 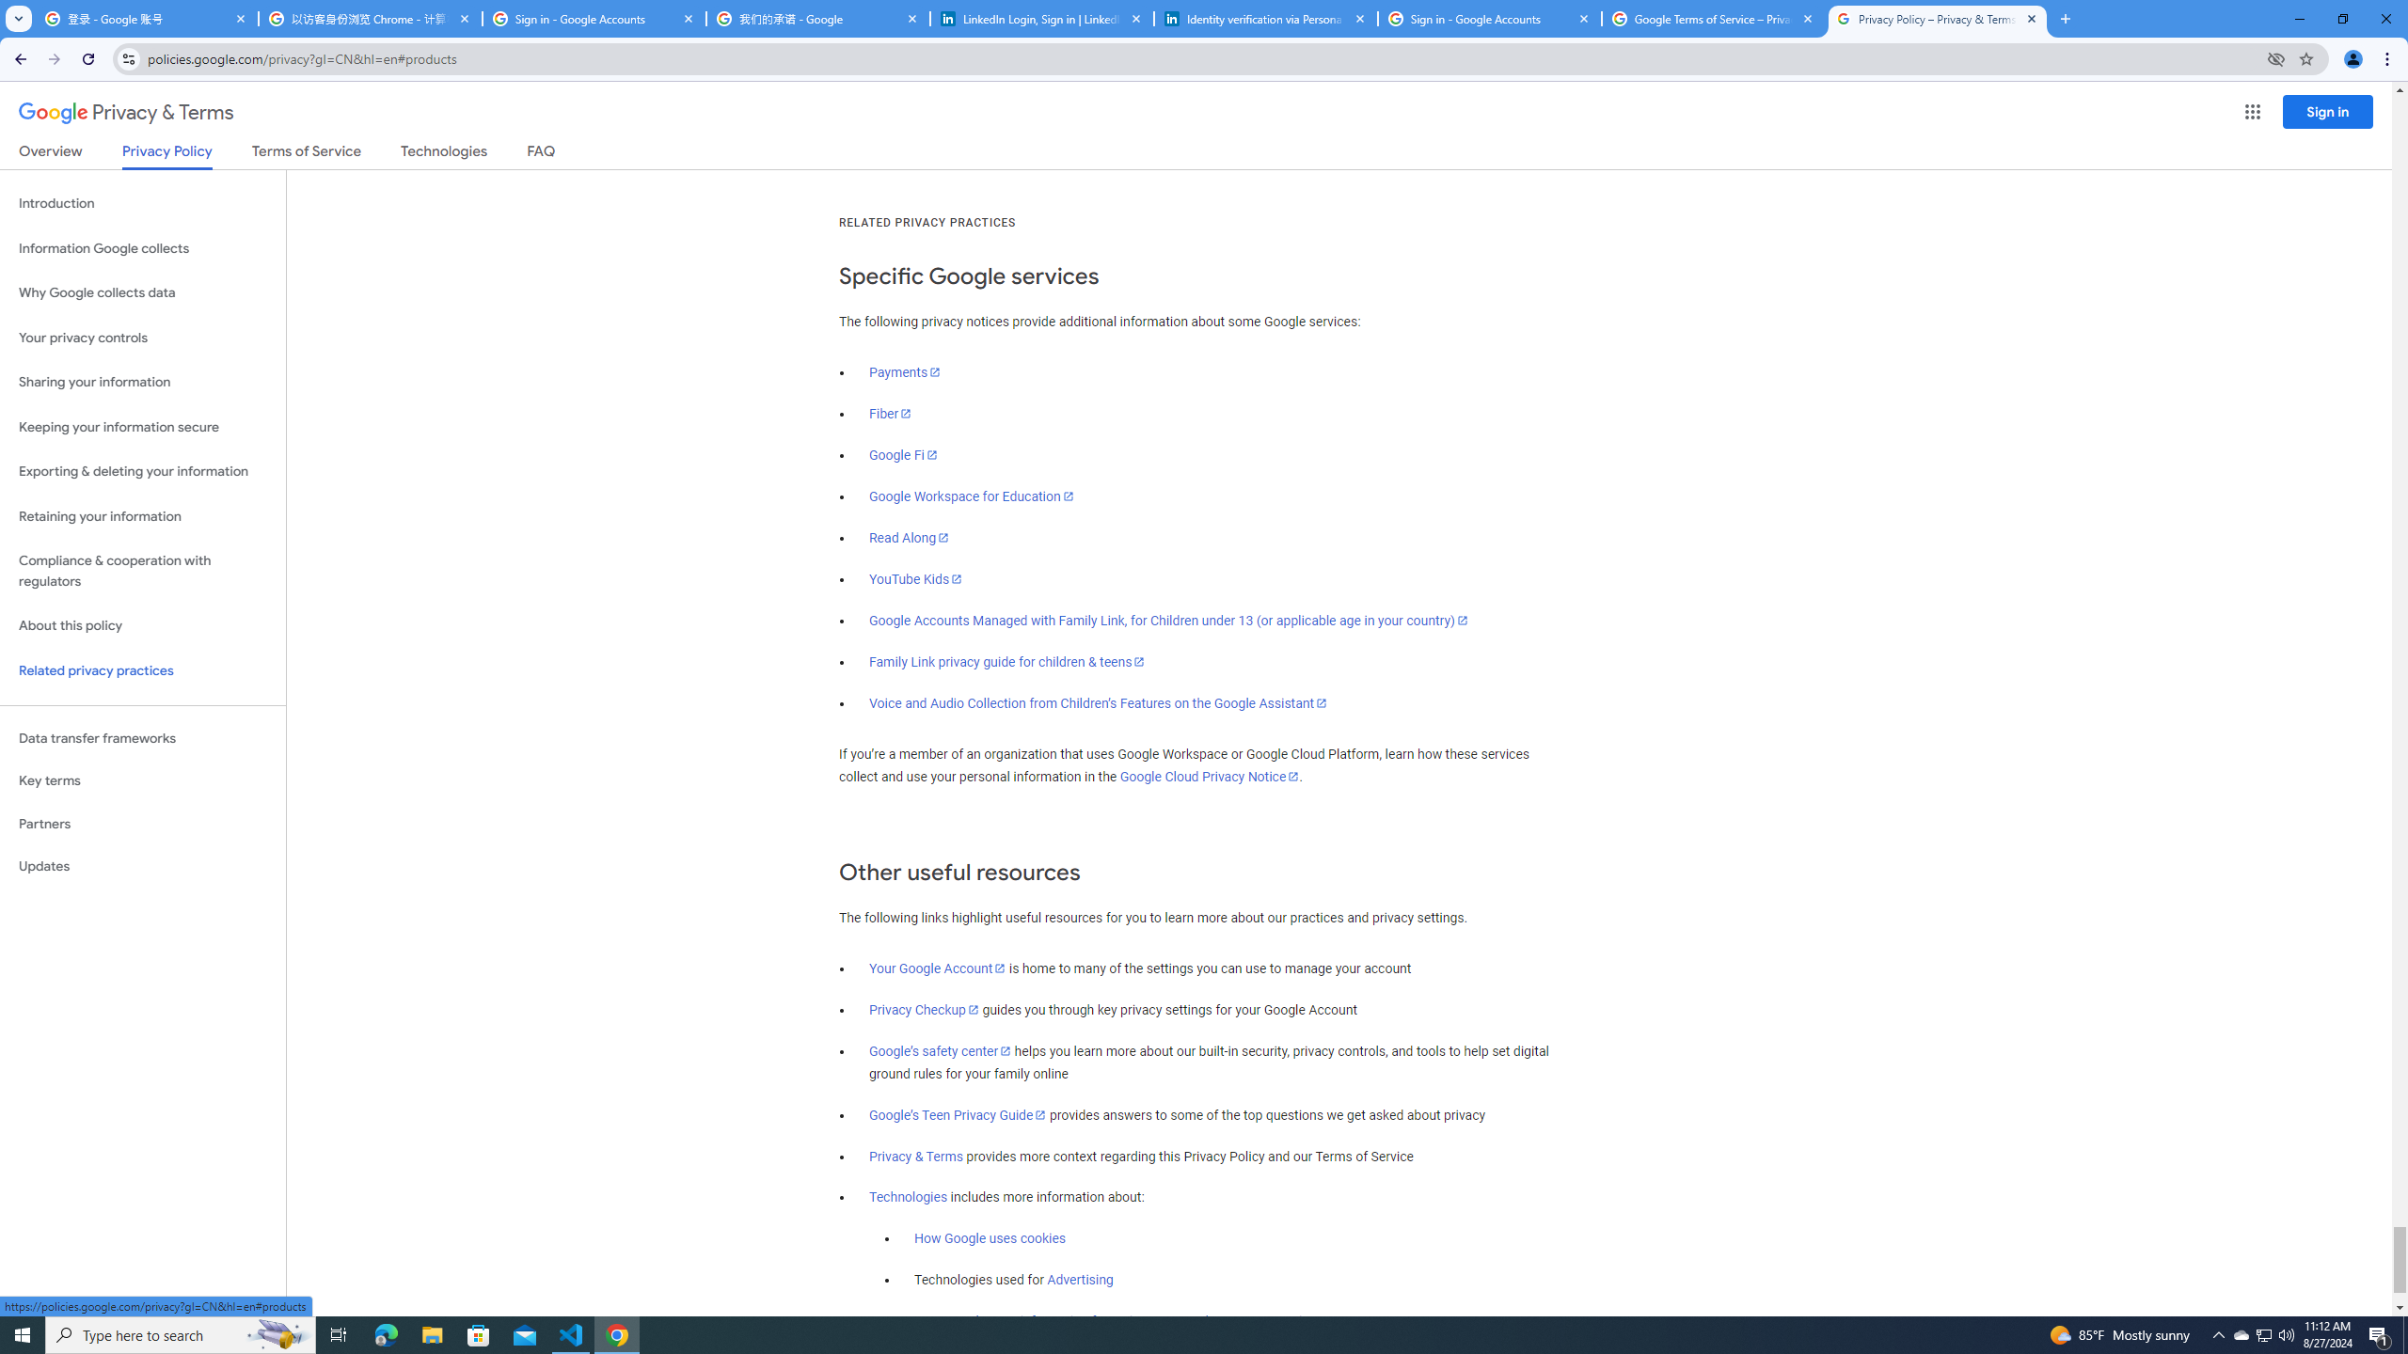 What do you see at coordinates (937, 968) in the screenshot?
I see `'Your Google Account'` at bounding box center [937, 968].